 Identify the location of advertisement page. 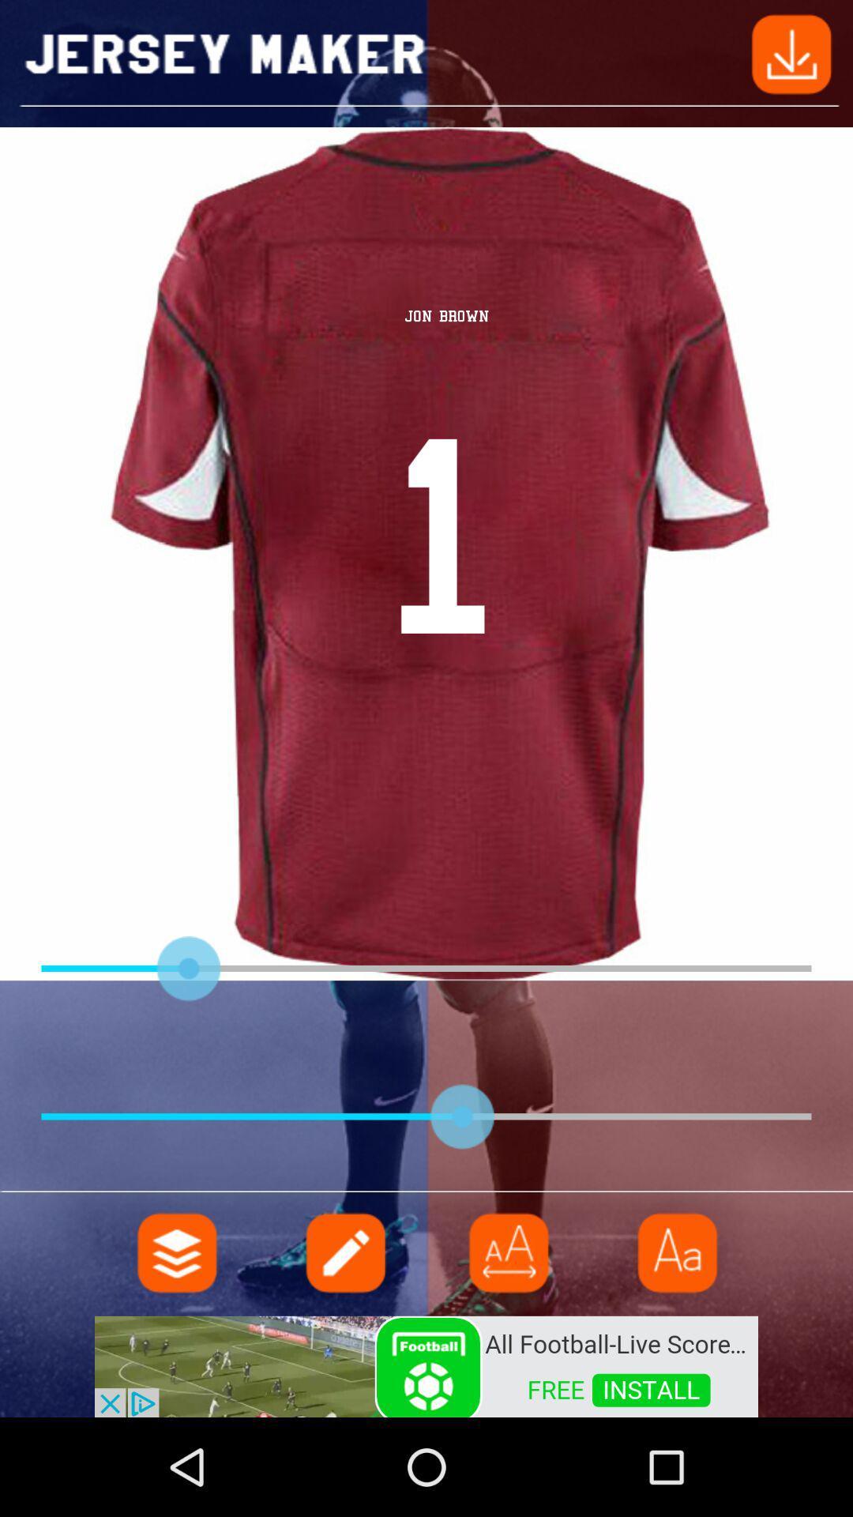
(426, 1365).